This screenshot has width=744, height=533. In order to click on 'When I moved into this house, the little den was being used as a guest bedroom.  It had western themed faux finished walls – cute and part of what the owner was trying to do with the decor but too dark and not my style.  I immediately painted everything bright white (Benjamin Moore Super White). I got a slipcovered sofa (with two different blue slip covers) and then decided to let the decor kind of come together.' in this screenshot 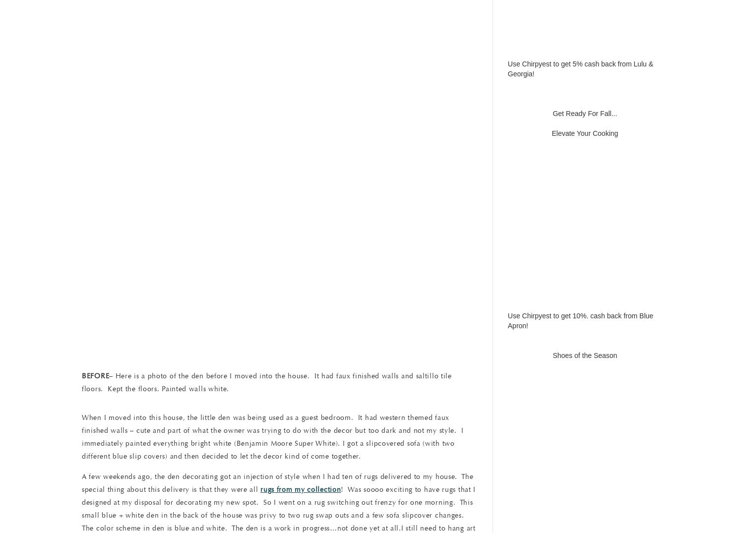, I will do `click(272, 436)`.